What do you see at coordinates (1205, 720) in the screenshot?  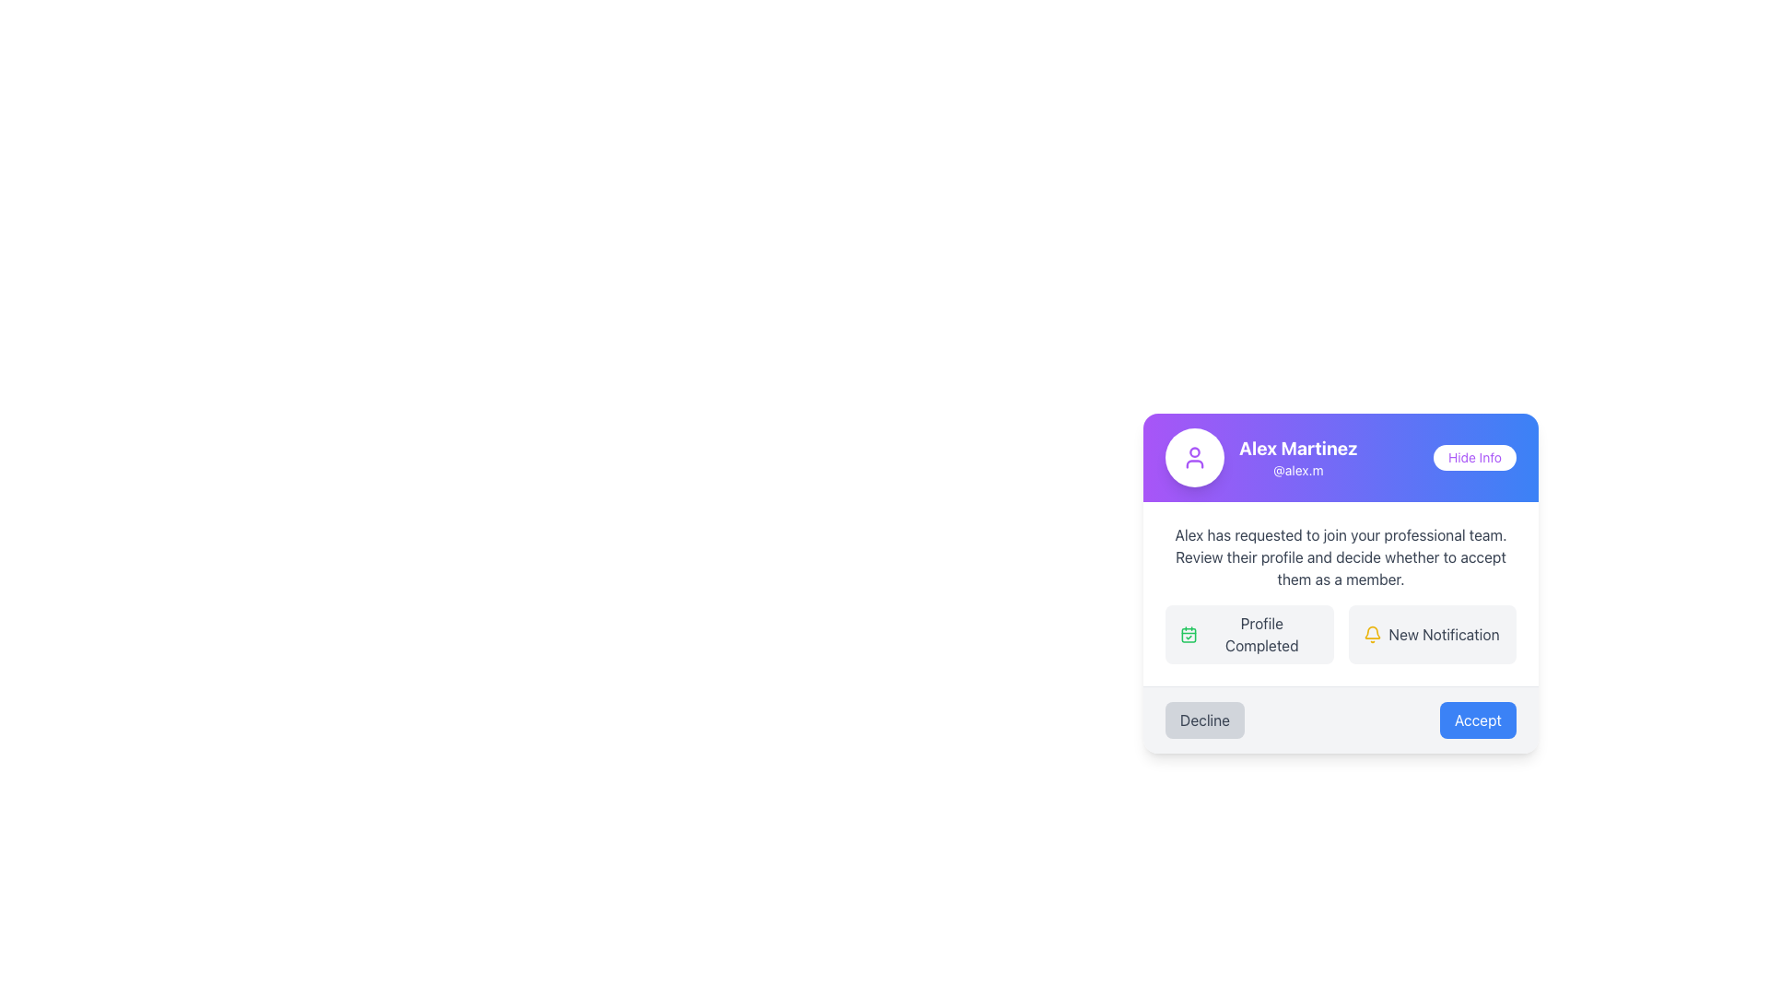 I see `the rounded rectangular 'Decline' button with gray background and darker gray text to observe the hover effect` at bounding box center [1205, 720].